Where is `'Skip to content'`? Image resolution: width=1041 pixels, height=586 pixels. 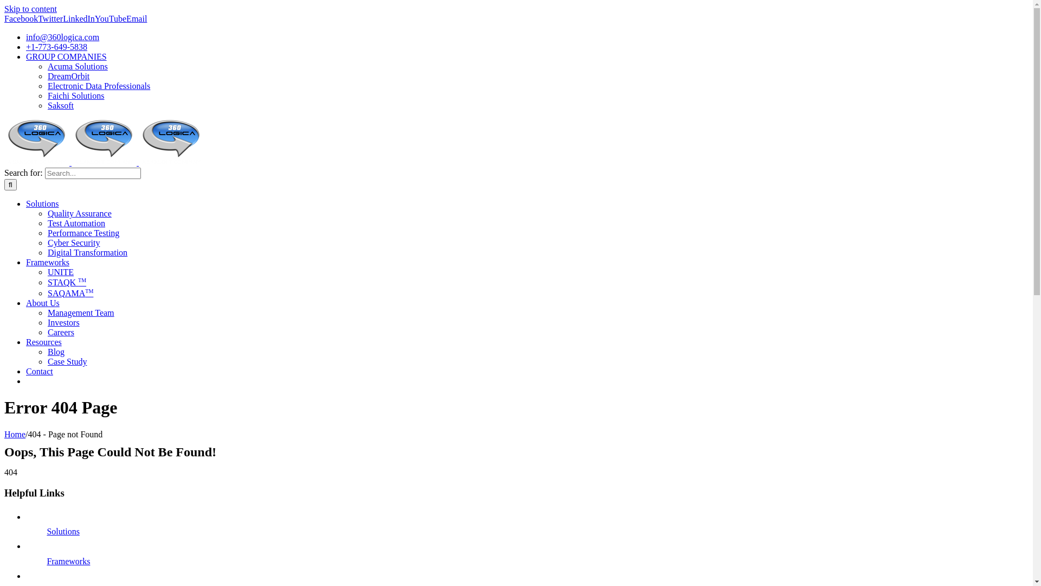 'Skip to content' is located at coordinates (4, 9).